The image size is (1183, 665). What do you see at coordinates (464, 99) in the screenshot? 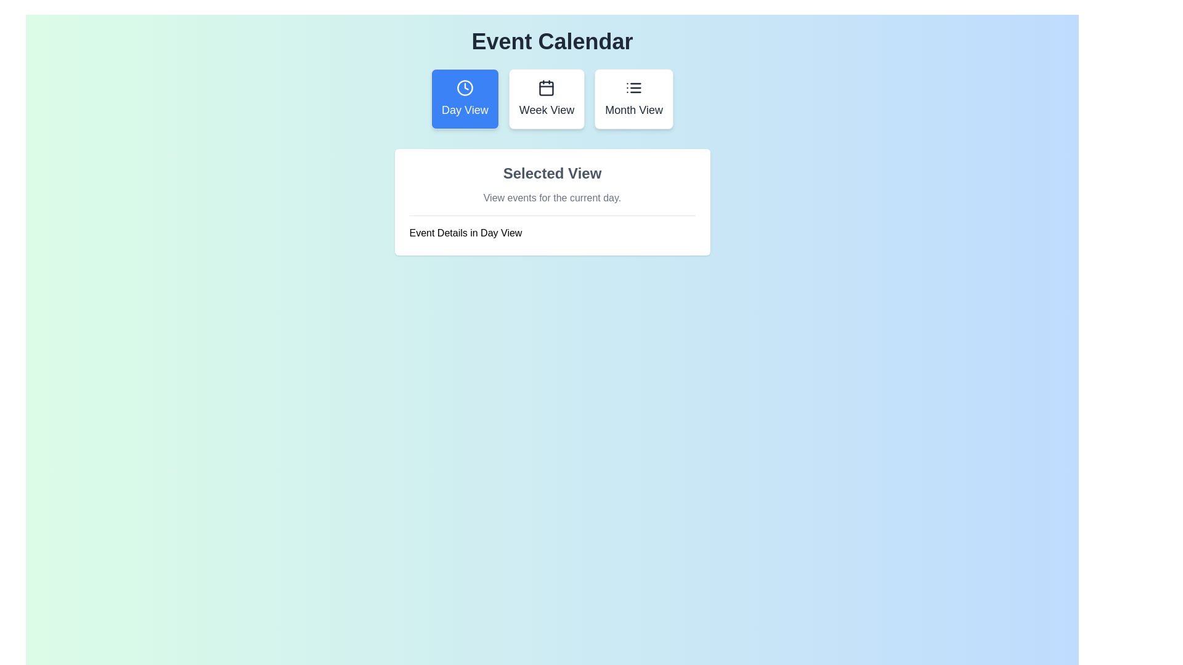
I see `the button labeled 'Day View' to observe its hover effect` at bounding box center [464, 99].